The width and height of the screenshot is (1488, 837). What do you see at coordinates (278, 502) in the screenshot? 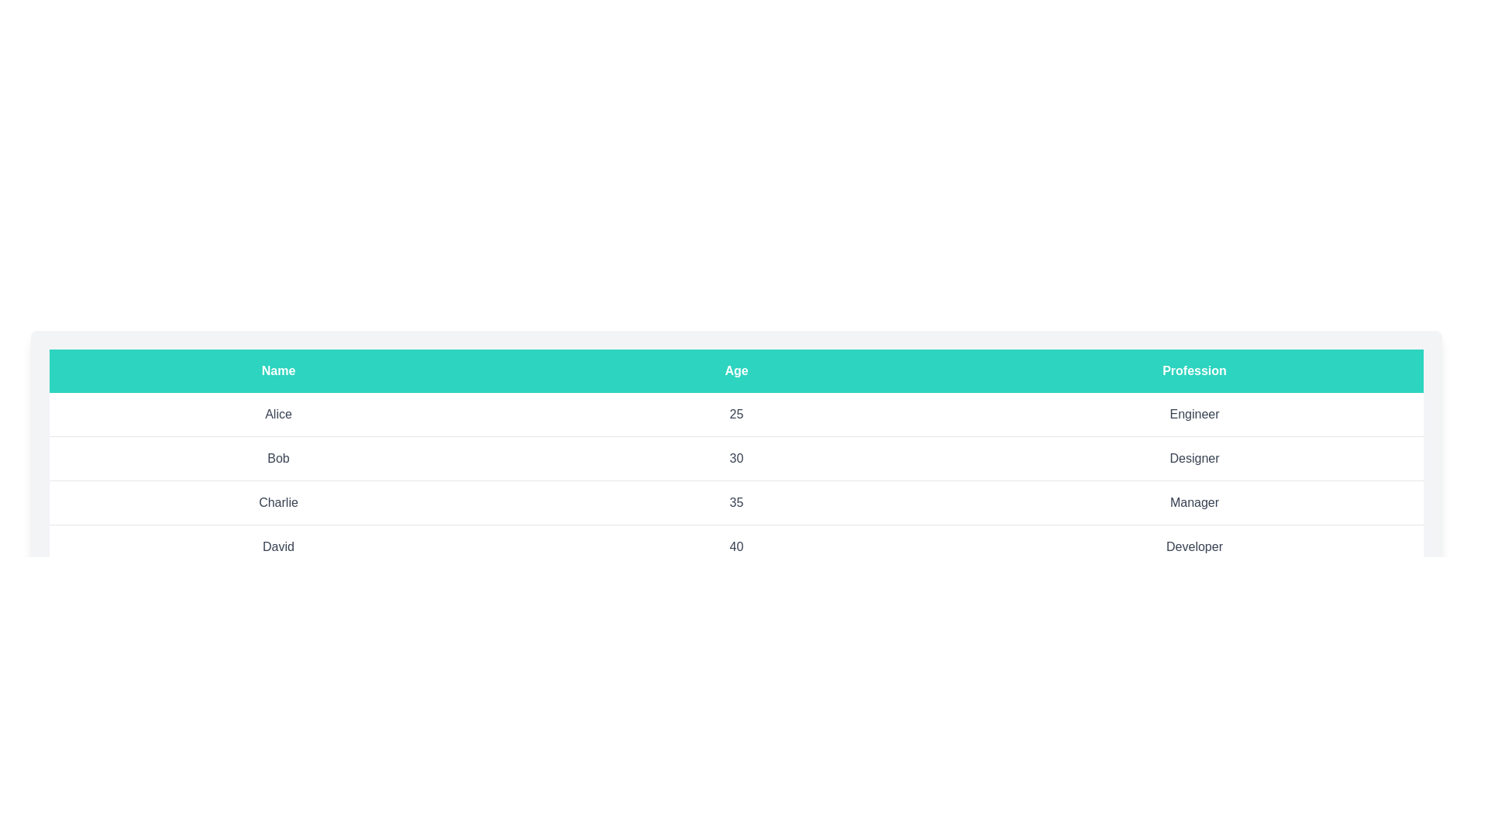
I see `on the text label displaying 'Charlie' in the third row of the user information table` at bounding box center [278, 502].